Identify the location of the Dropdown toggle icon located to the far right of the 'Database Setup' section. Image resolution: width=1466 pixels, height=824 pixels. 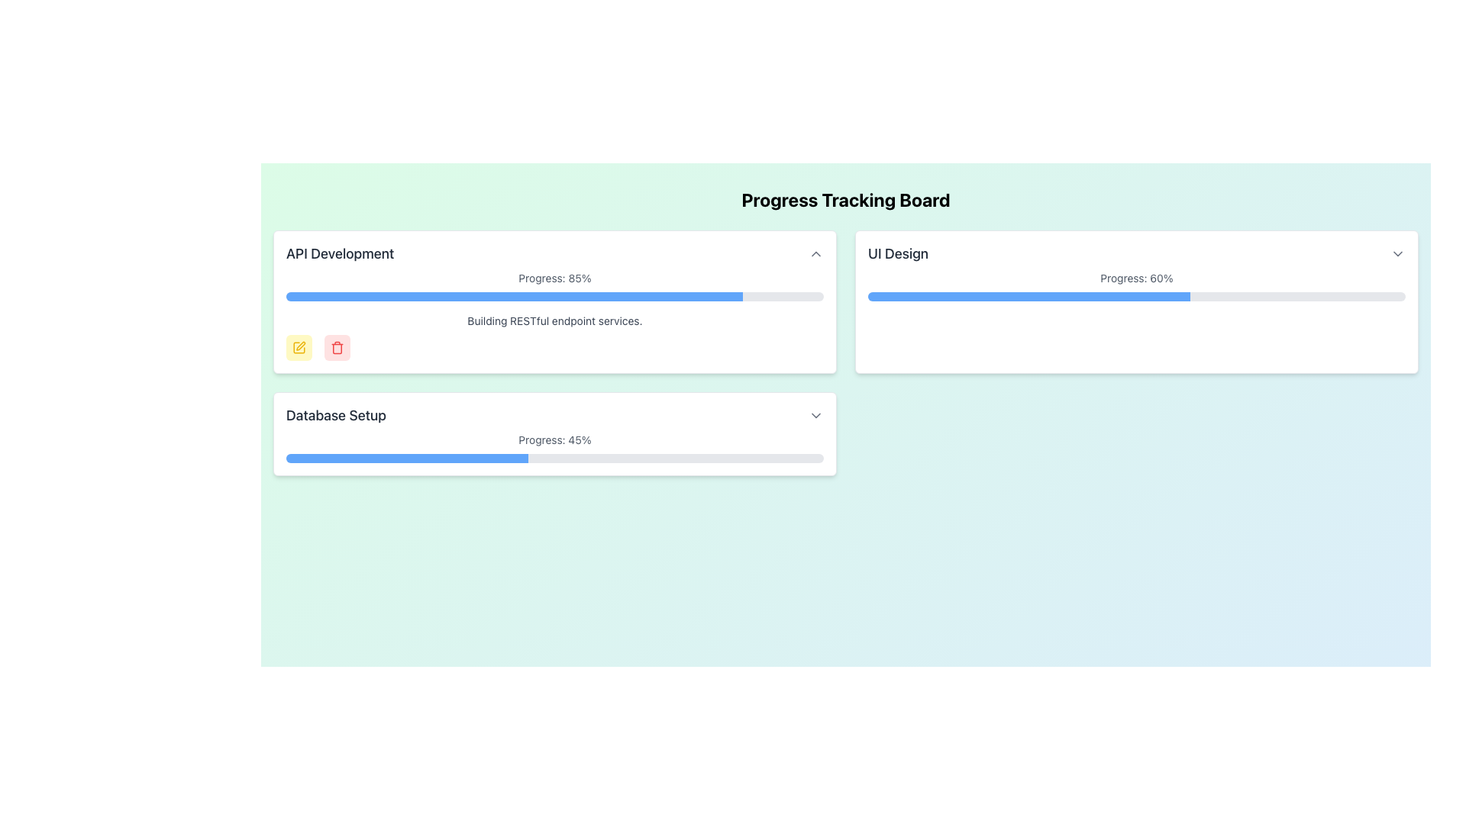
(815, 415).